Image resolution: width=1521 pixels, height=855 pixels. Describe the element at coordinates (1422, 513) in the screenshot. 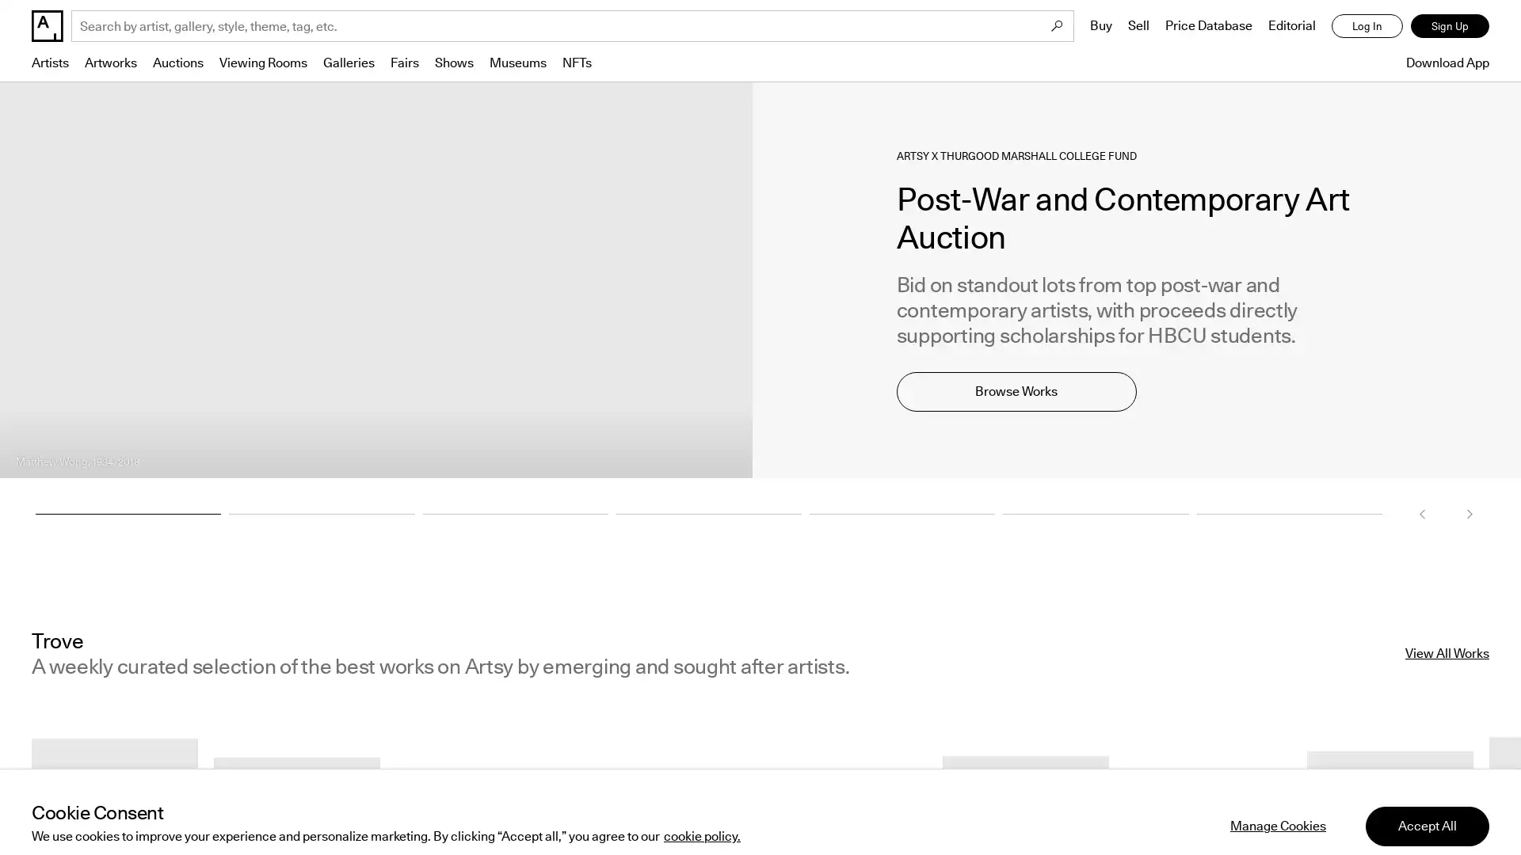

I see `Navigate left` at that location.